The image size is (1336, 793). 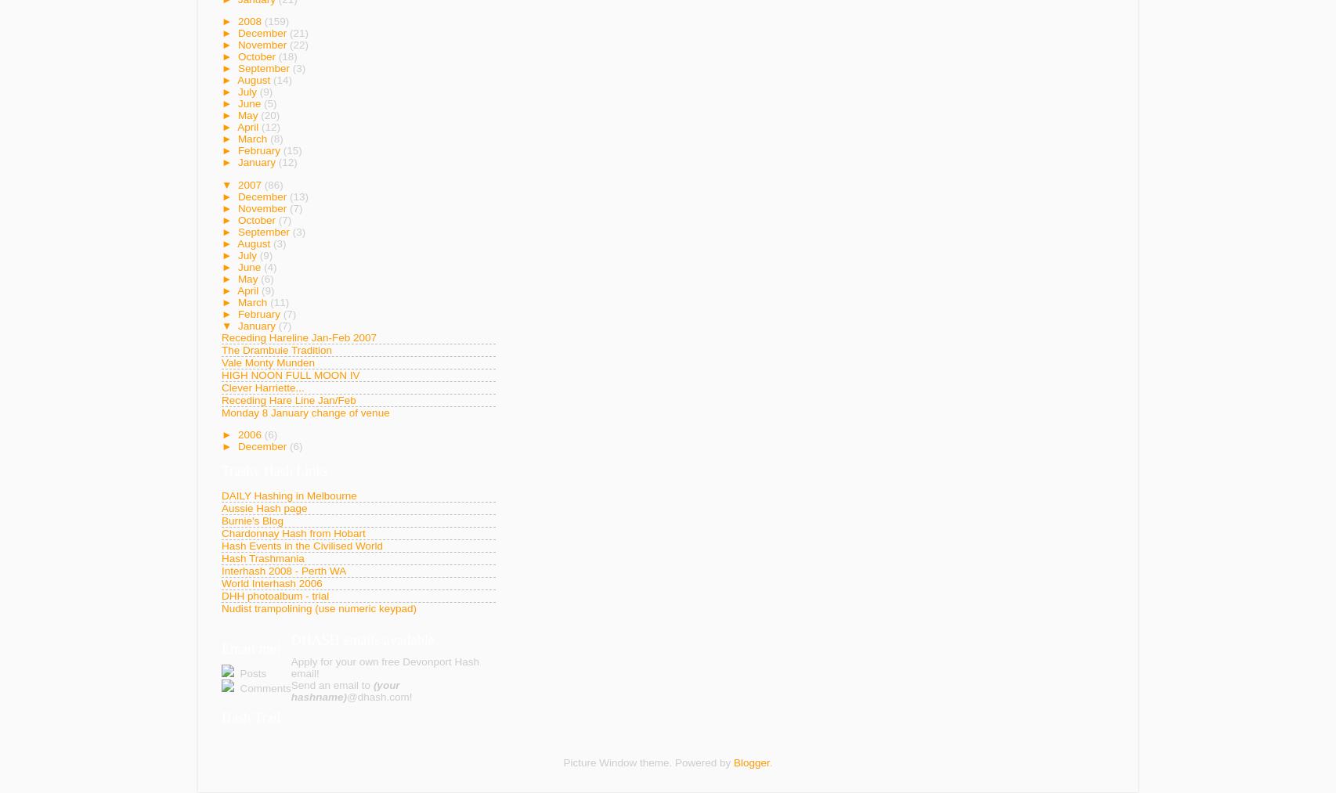 What do you see at coordinates (269, 115) in the screenshot?
I see `'(20)'` at bounding box center [269, 115].